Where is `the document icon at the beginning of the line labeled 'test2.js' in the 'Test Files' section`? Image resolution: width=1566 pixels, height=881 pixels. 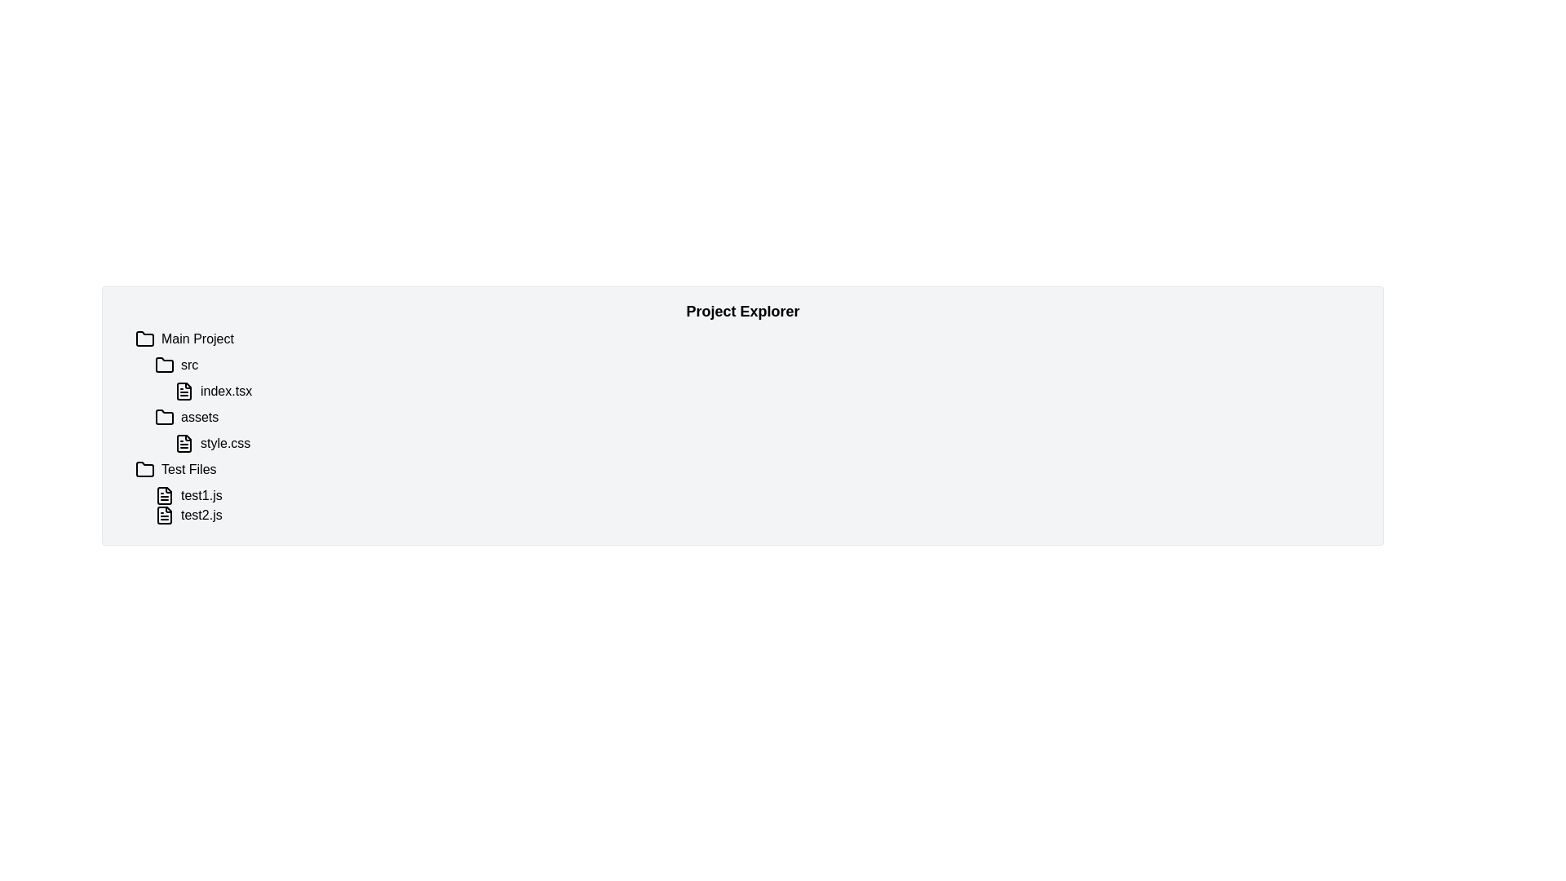 the document icon at the beginning of the line labeled 'test2.js' in the 'Test Files' section is located at coordinates (164, 516).